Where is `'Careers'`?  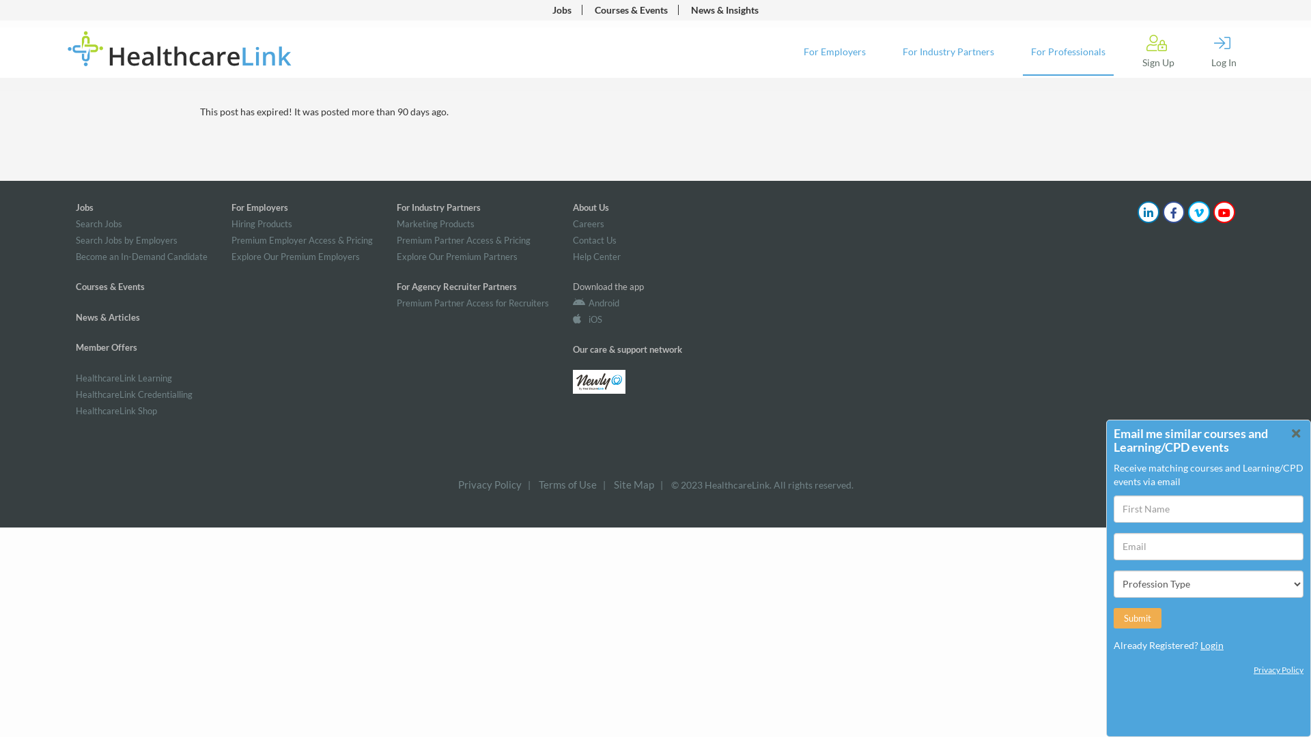 'Careers' is located at coordinates (589, 222).